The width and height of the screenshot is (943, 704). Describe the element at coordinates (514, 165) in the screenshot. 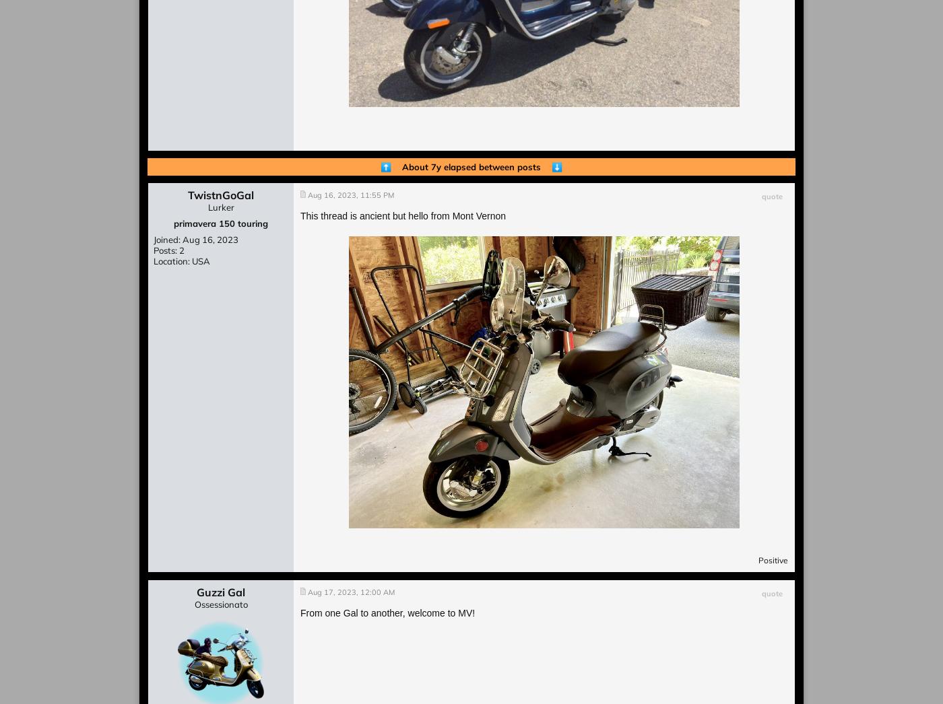

I see `'between posts'` at that location.